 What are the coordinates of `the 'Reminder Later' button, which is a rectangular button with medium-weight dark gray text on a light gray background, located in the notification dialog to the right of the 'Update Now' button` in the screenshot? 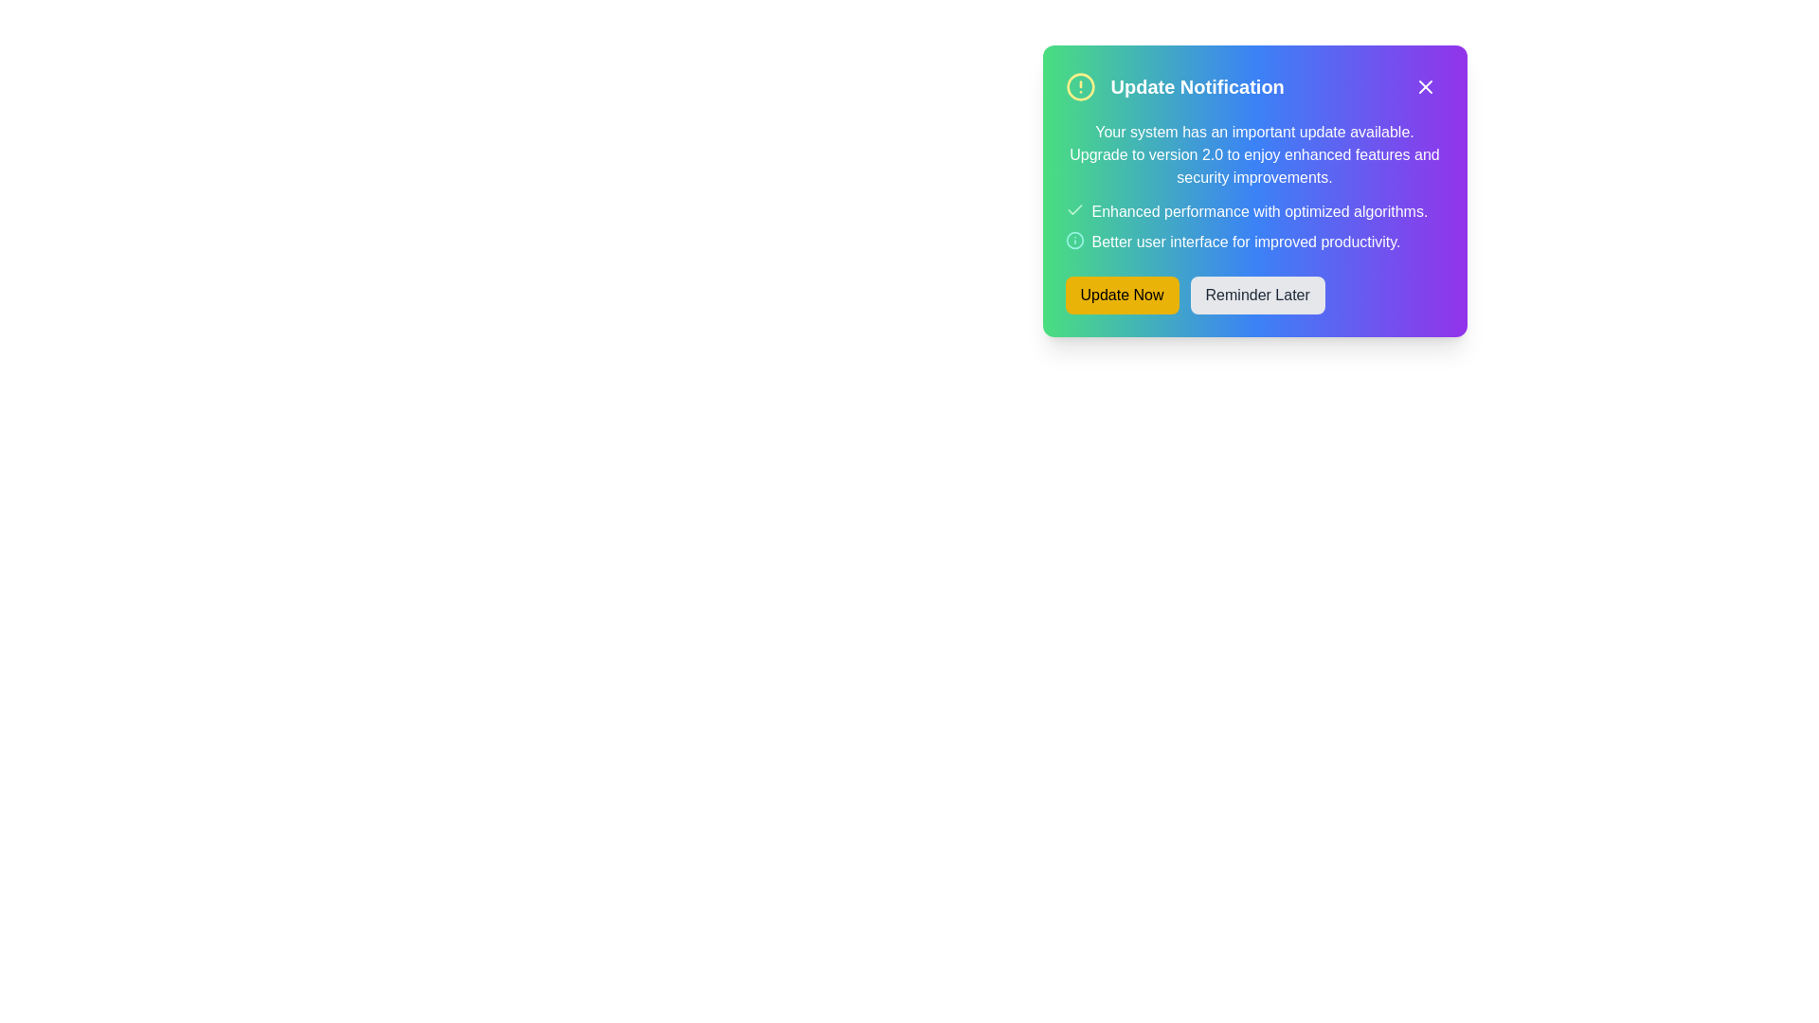 It's located at (1257, 296).